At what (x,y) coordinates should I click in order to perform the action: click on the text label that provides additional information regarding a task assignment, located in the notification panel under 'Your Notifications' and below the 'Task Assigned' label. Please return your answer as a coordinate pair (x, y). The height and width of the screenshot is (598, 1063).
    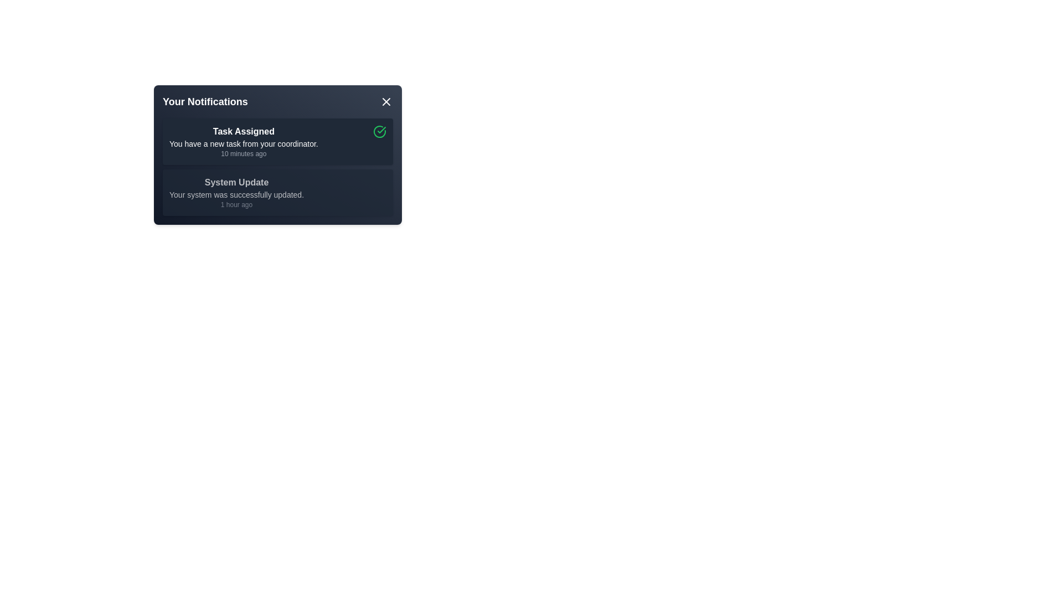
    Looking at the image, I should click on (243, 143).